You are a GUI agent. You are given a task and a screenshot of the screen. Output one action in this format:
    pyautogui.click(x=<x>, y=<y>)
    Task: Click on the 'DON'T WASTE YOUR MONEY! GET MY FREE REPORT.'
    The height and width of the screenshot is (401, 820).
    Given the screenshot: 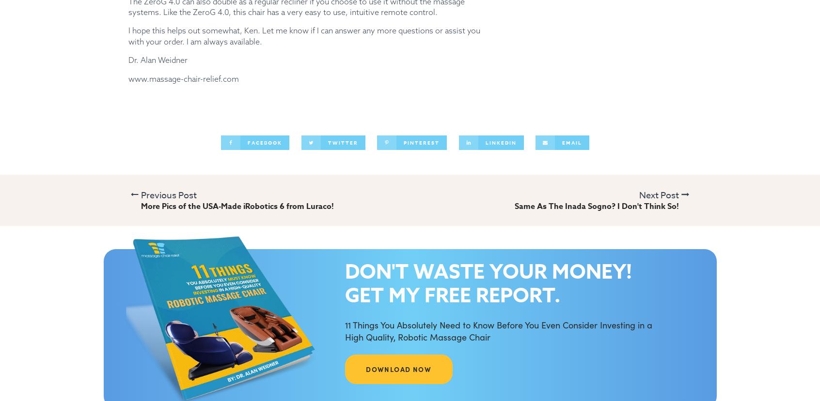 What is the action you would take?
    pyautogui.click(x=488, y=283)
    